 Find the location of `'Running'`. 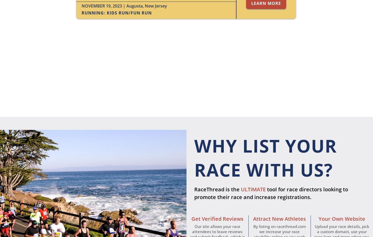

'Running' is located at coordinates (92, 13).